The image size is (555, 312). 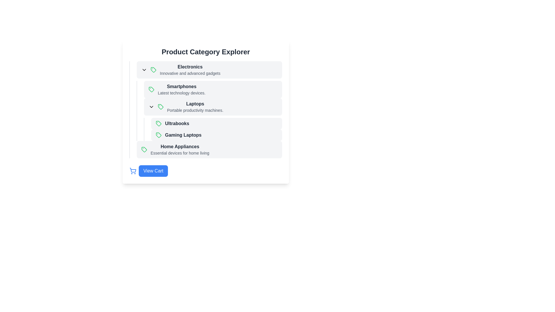 What do you see at coordinates (158, 135) in the screenshot?
I see `the Decorative icon that visually labels the 'Gaming Laptops' entry, which is the first icon in the highlighted row and aligns horizontally with the text` at bounding box center [158, 135].